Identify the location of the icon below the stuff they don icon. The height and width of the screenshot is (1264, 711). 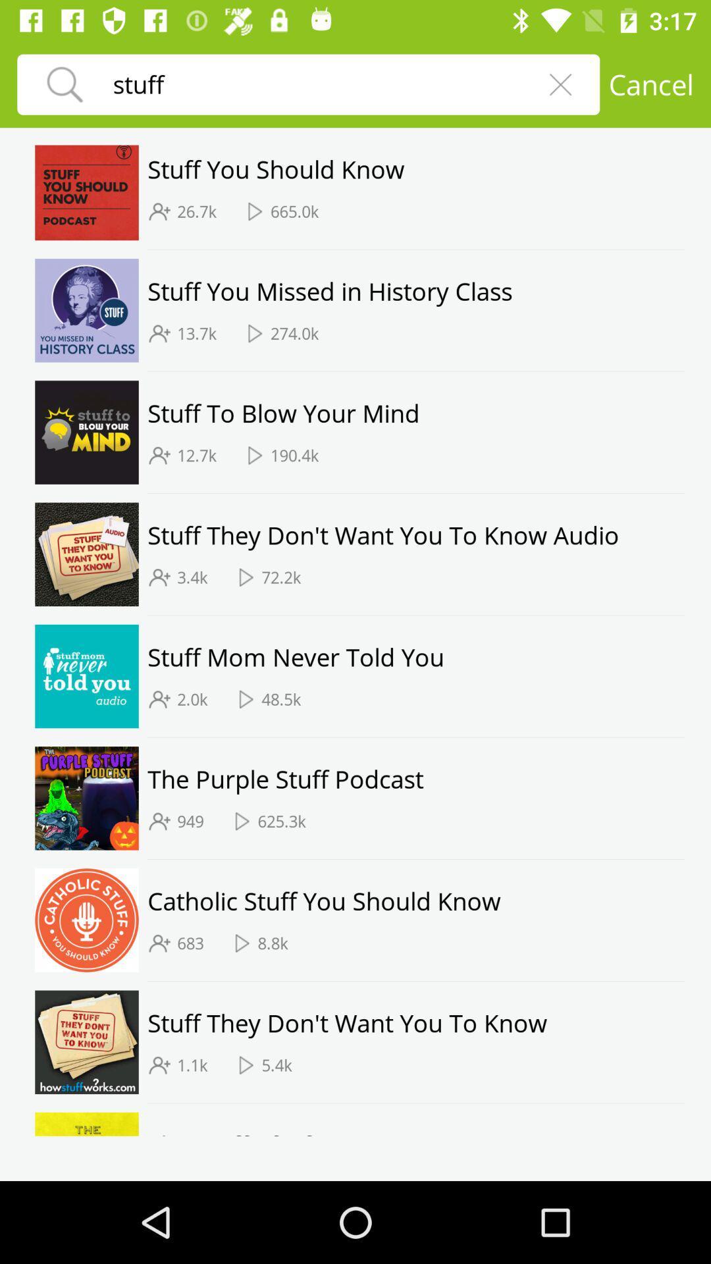
(192, 1065).